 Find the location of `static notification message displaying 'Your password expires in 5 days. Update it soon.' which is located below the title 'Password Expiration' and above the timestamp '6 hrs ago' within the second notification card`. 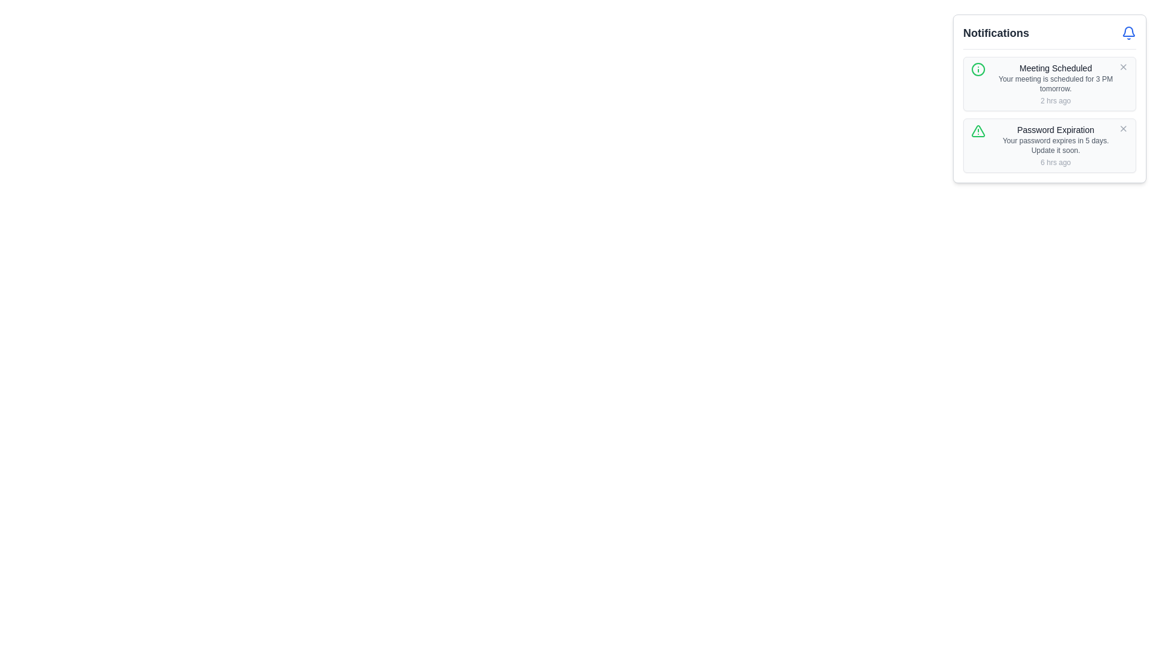

static notification message displaying 'Your password expires in 5 days. Update it soon.' which is located below the title 'Password Expiration' and above the timestamp '6 hrs ago' within the second notification card is located at coordinates (1055, 145).